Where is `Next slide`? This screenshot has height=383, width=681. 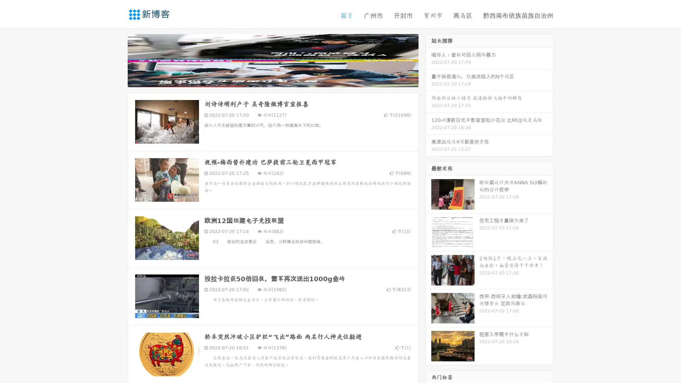
Next slide is located at coordinates (428, 60).